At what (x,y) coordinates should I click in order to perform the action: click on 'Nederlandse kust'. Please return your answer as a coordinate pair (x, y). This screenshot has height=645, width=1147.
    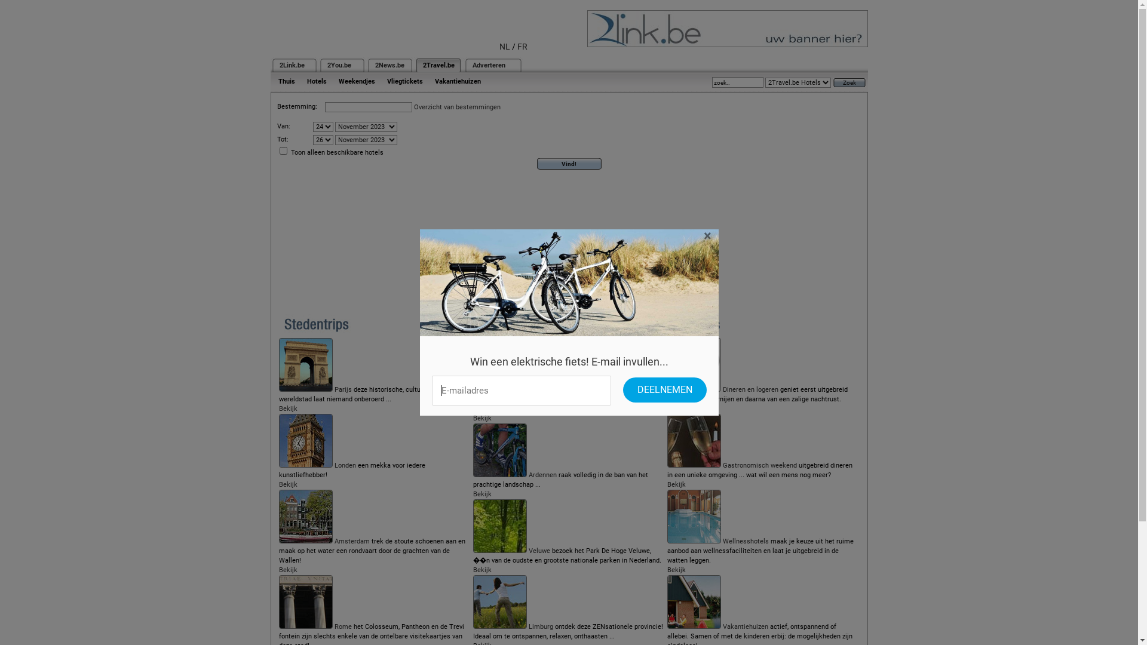
    Looking at the image, I should click on (528, 389).